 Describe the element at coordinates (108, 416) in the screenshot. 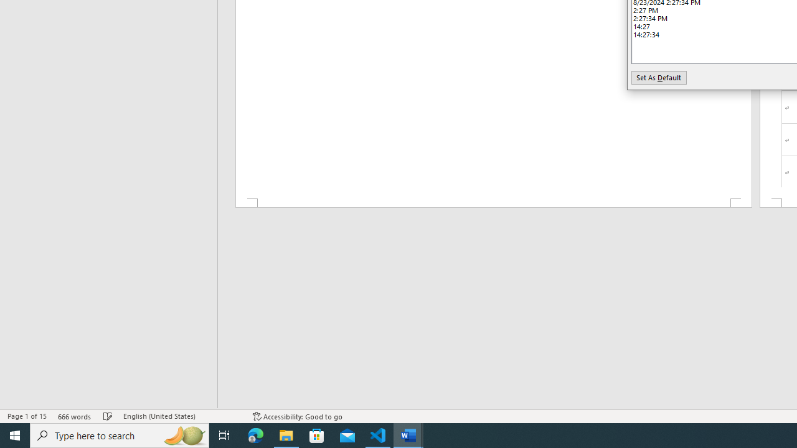

I see `'Spelling and Grammar Check Checking'` at that location.